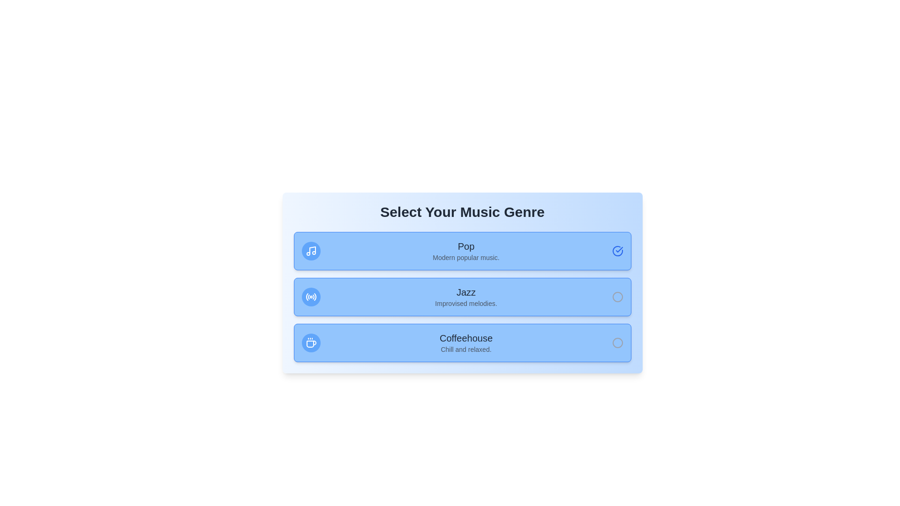  I want to click on the decorative line segment that forms the vertical stem of the musical note icon located under the 'Pop' genre button in the music selection interface, so click(312, 250).